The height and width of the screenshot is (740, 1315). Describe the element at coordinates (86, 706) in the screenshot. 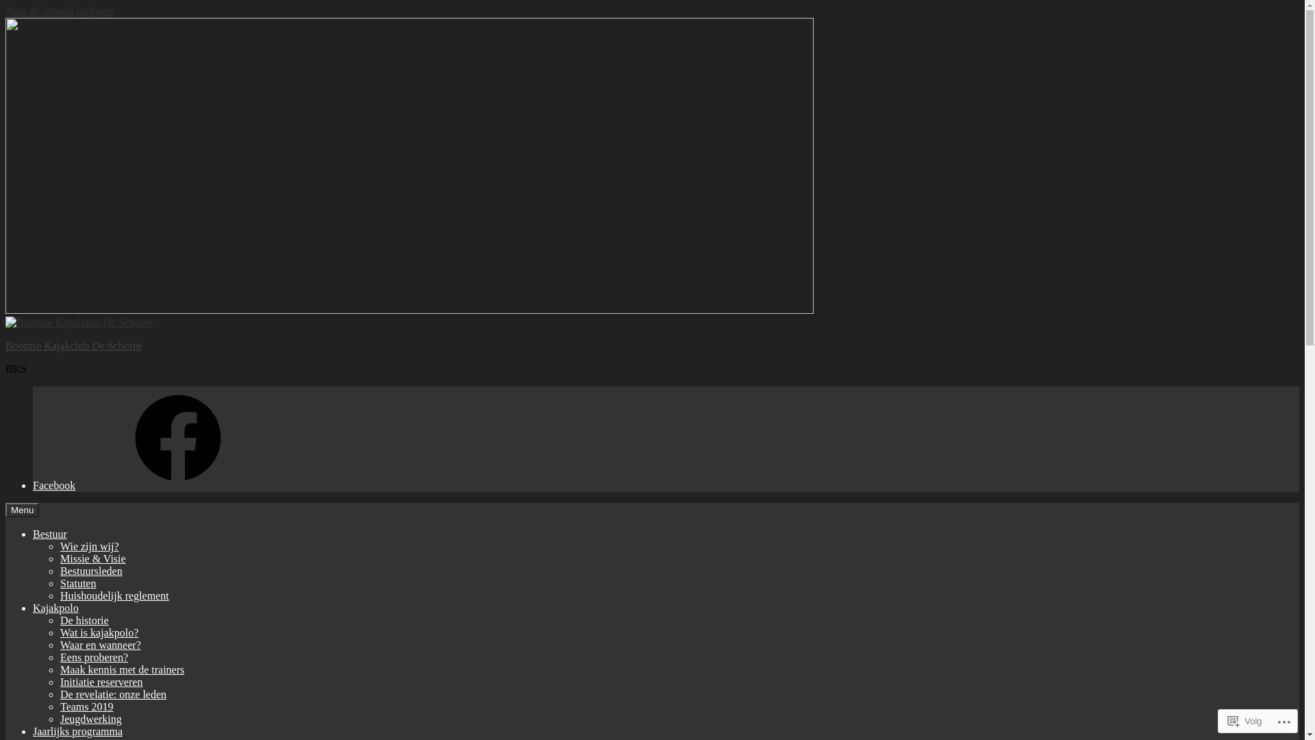

I see `'Teams 2019'` at that location.